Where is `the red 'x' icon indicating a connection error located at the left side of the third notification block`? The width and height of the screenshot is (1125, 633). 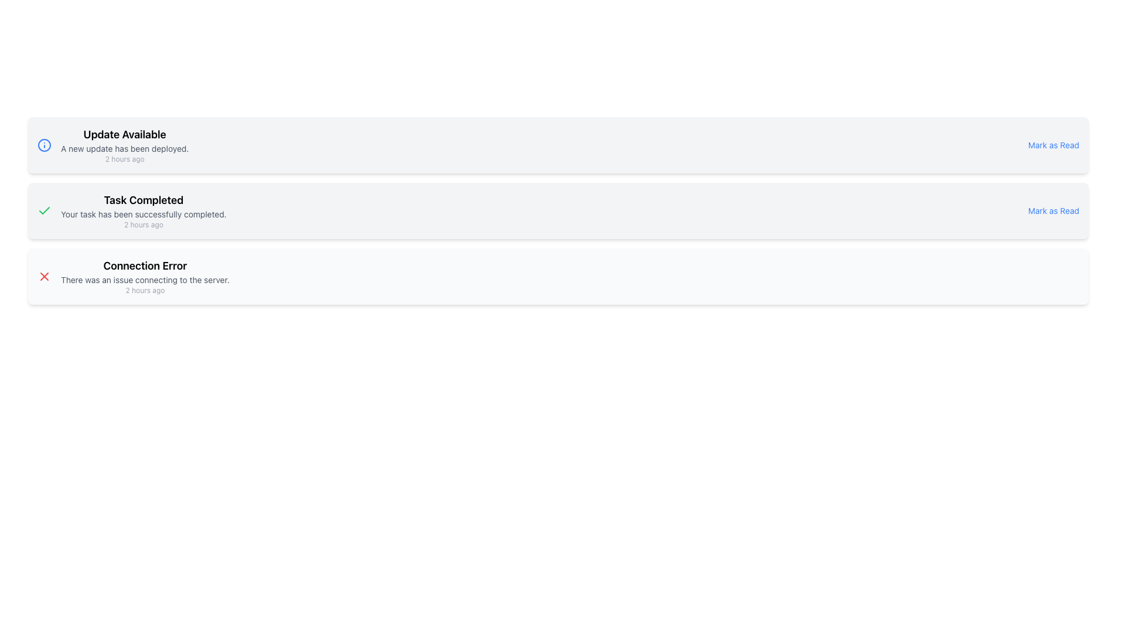
the red 'x' icon indicating a connection error located at the left side of the third notification block is located at coordinates (45, 276).